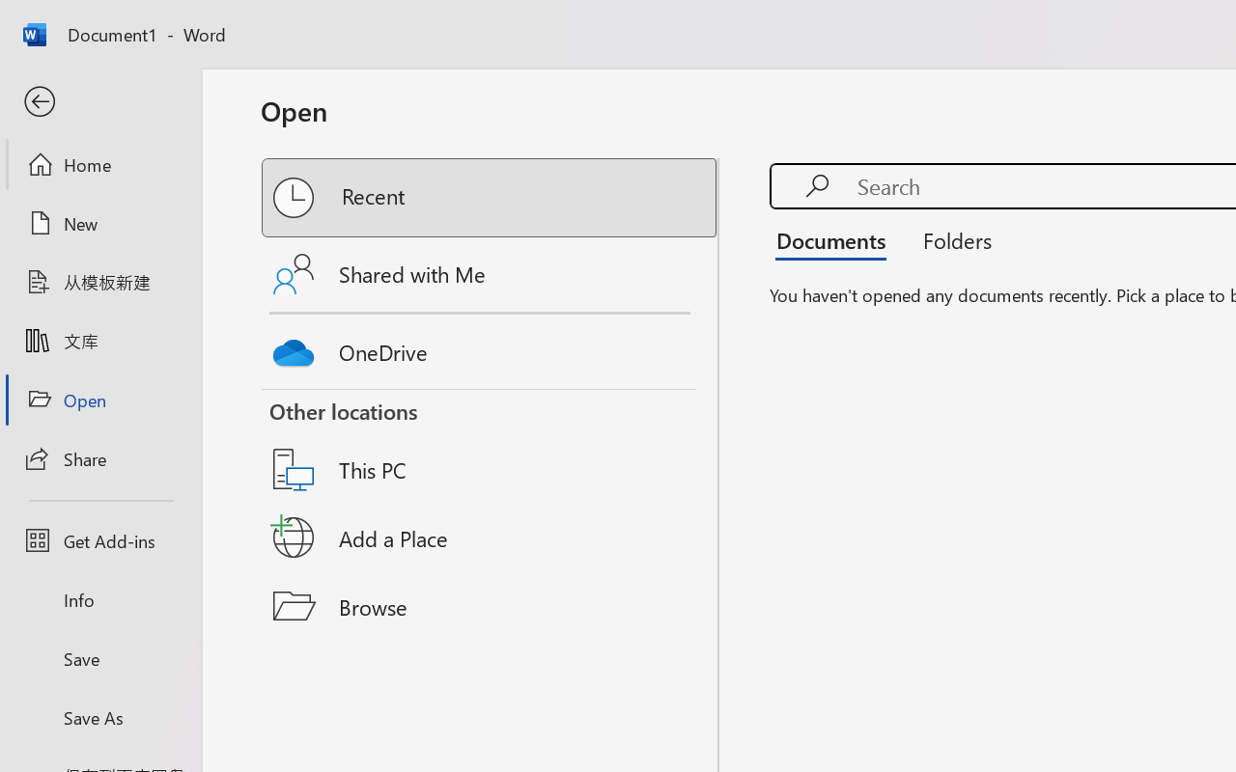 Image resolution: width=1236 pixels, height=772 pixels. What do you see at coordinates (99, 717) in the screenshot?
I see `'Save As'` at bounding box center [99, 717].